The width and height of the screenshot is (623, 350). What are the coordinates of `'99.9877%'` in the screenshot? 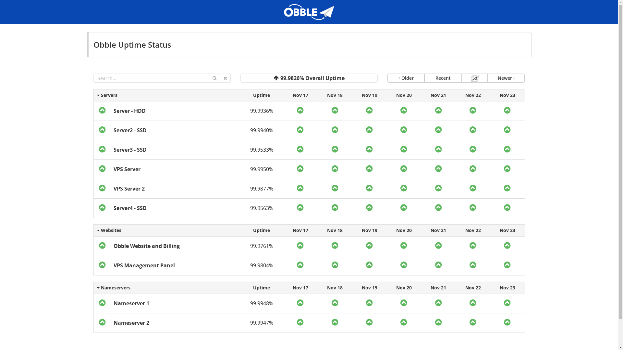 It's located at (262, 189).